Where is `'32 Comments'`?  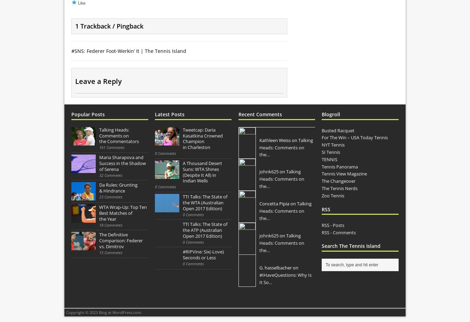 '32 Comments' is located at coordinates (99, 175).